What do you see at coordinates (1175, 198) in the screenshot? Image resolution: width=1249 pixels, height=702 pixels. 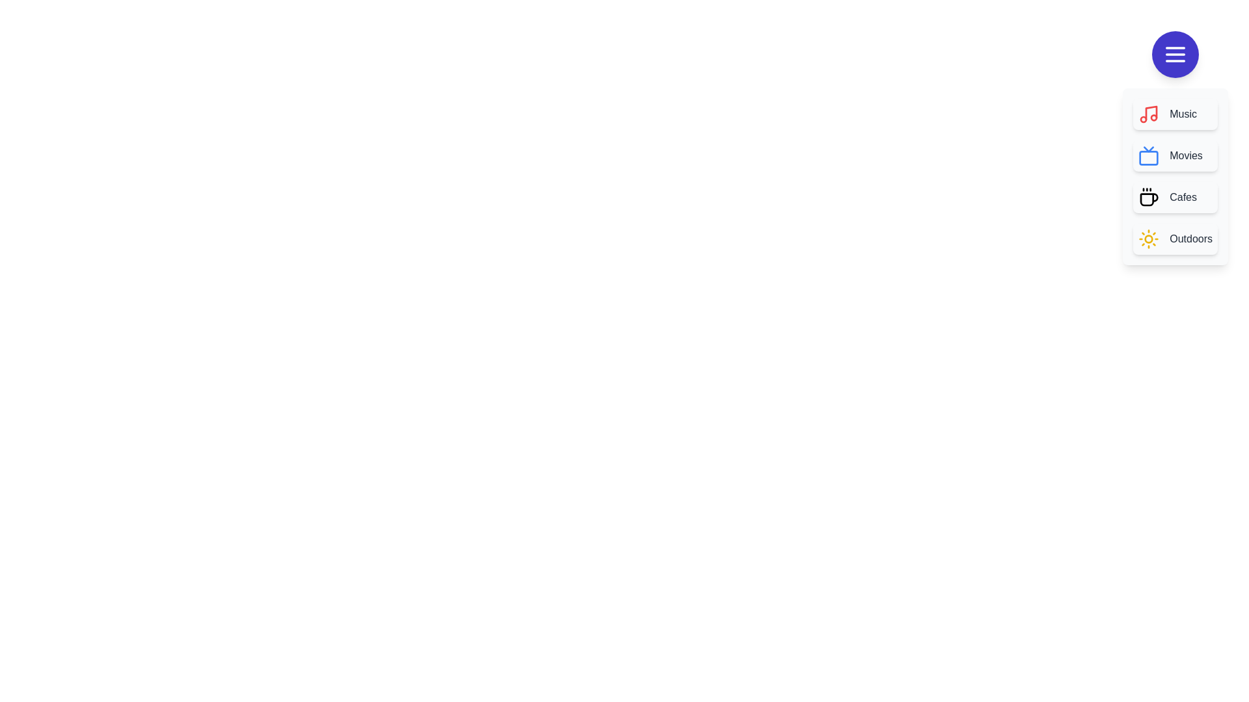 I see `the menu item labeled Cafes` at bounding box center [1175, 198].